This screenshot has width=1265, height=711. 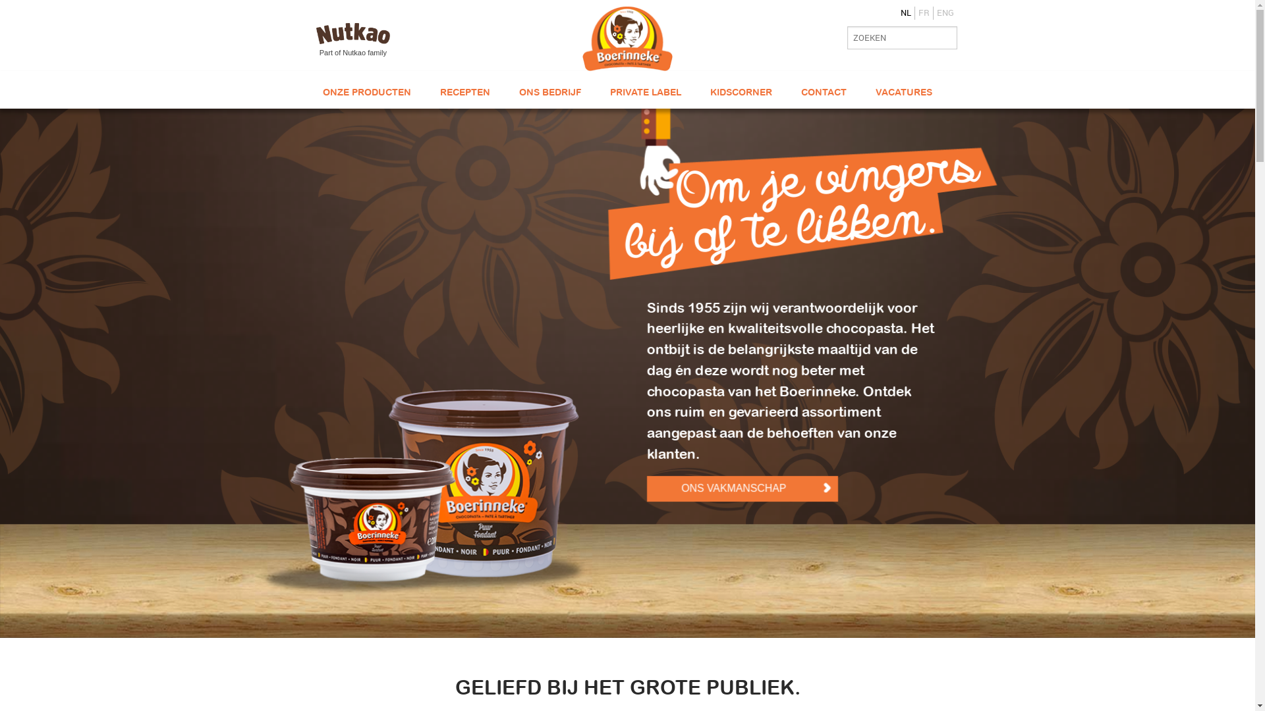 What do you see at coordinates (645, 91) in the screenshot?
I see `'PRIVATE LABEL'` at bounding box center [645, 91].